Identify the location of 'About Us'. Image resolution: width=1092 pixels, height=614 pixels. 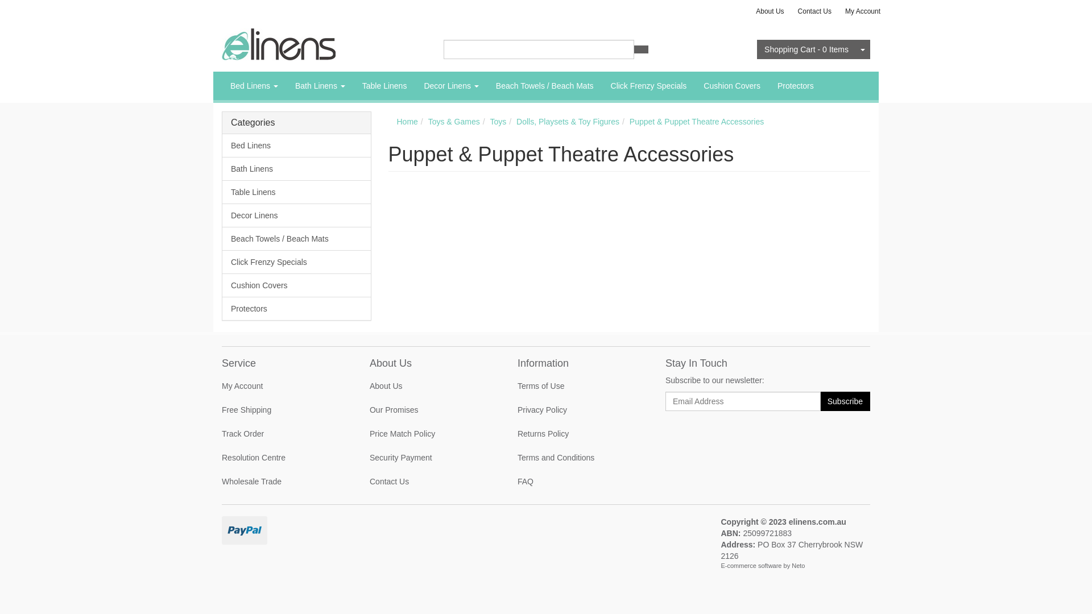
(770, 11).